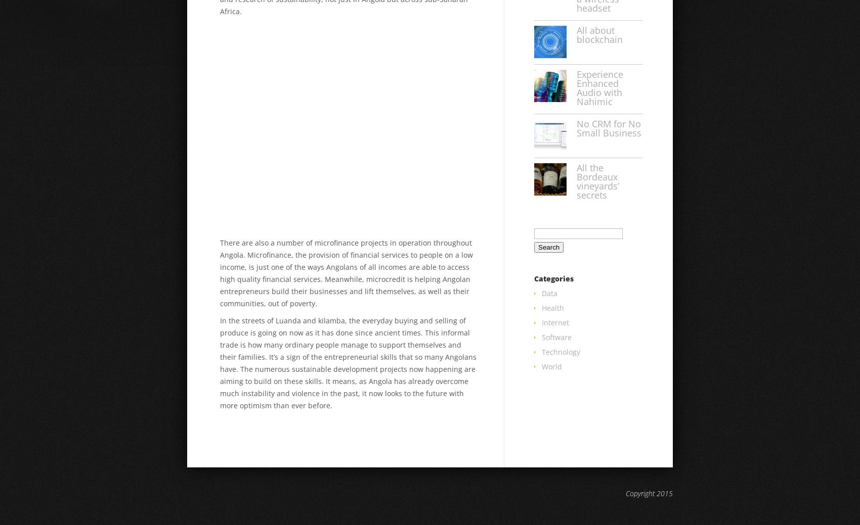 This screenshot has height=525, width=860. Describe the element at coordinates (597, 180) in the screenshot. I see `'All the Bordeaux vineyards’ secrets'` at that location.